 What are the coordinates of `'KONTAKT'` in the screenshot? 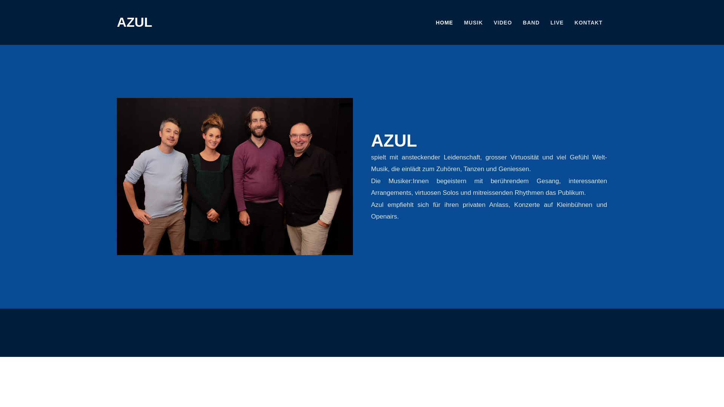 It's located at (570, 22).